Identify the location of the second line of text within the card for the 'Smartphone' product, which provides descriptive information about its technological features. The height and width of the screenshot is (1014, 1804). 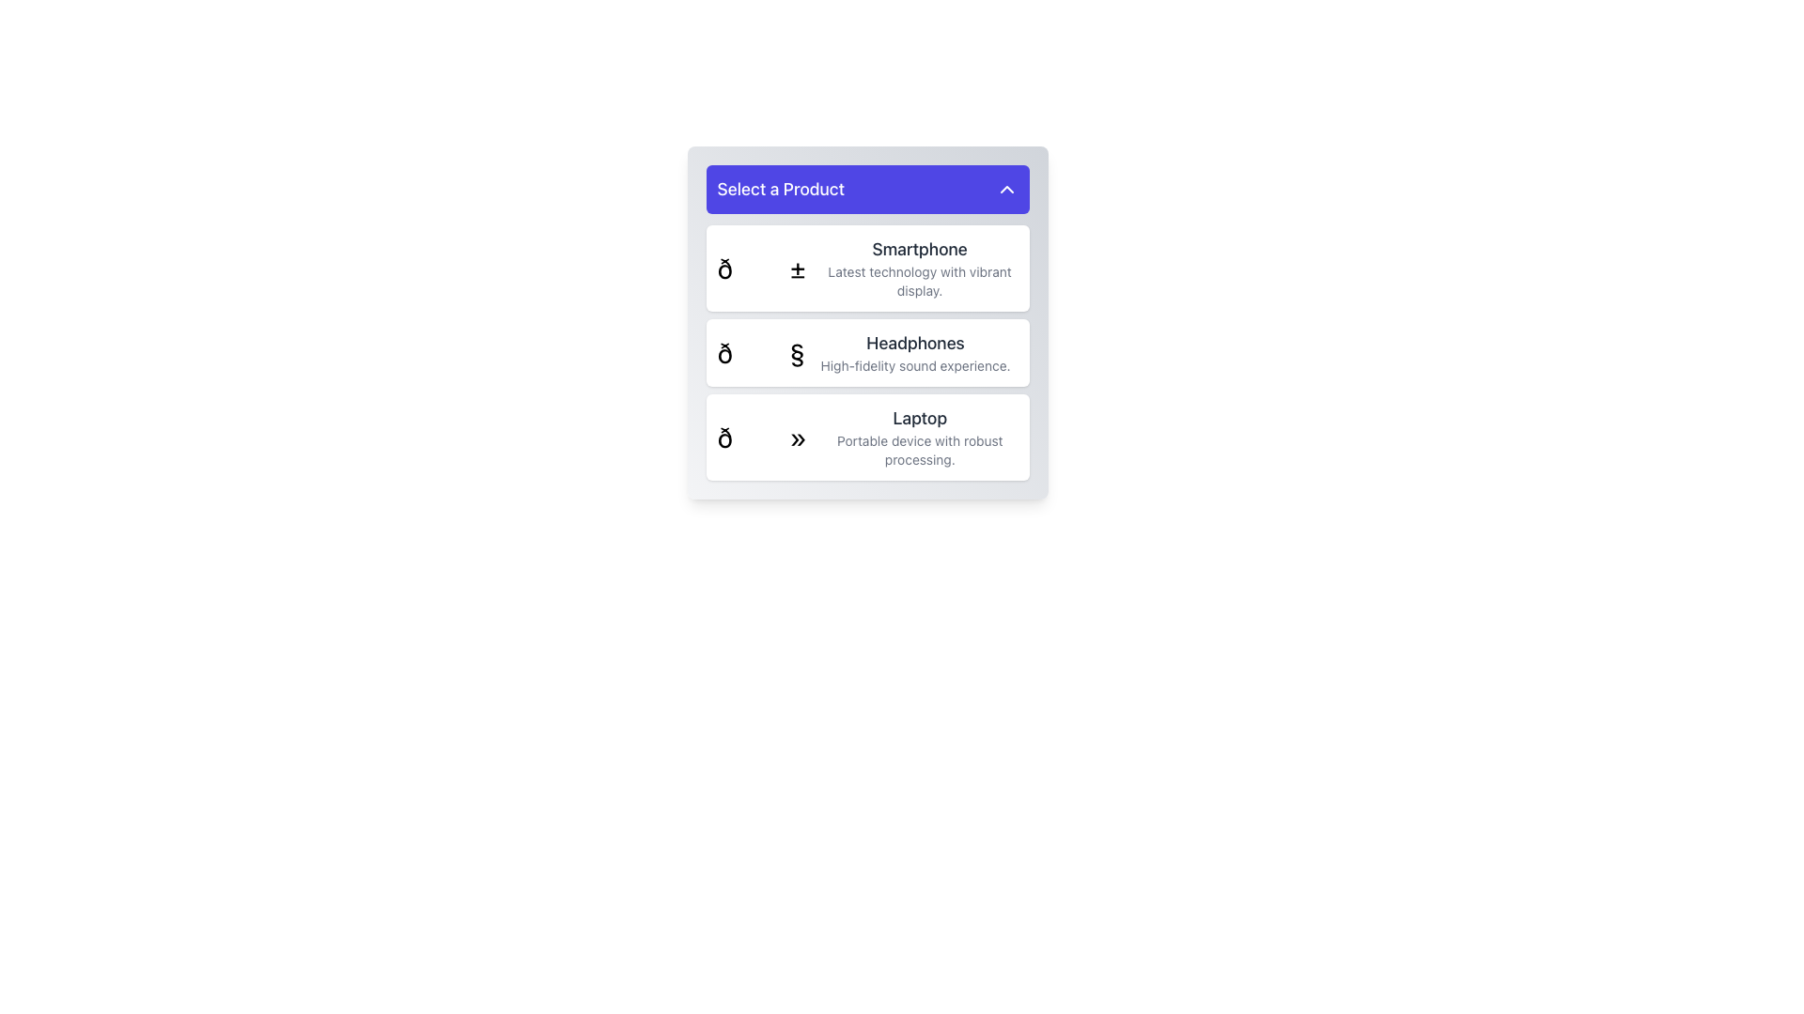
(920, 282).